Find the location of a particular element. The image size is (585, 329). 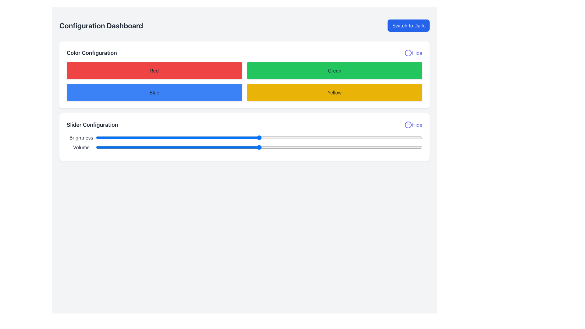

volume is located at coordinates (122, 147).